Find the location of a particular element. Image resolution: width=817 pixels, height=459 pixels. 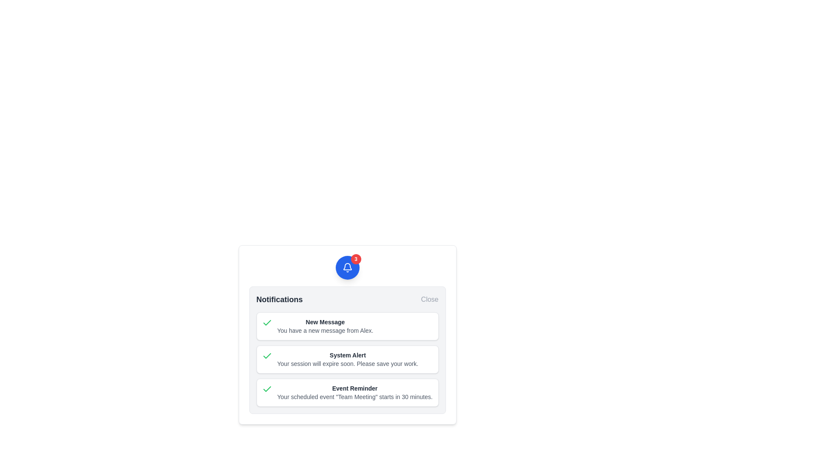

the text component displaying the message 'You have a new message from Alex.' which is located below the bolded text 'New Message' in the notification dropdown is located at coordinates (325, 330).